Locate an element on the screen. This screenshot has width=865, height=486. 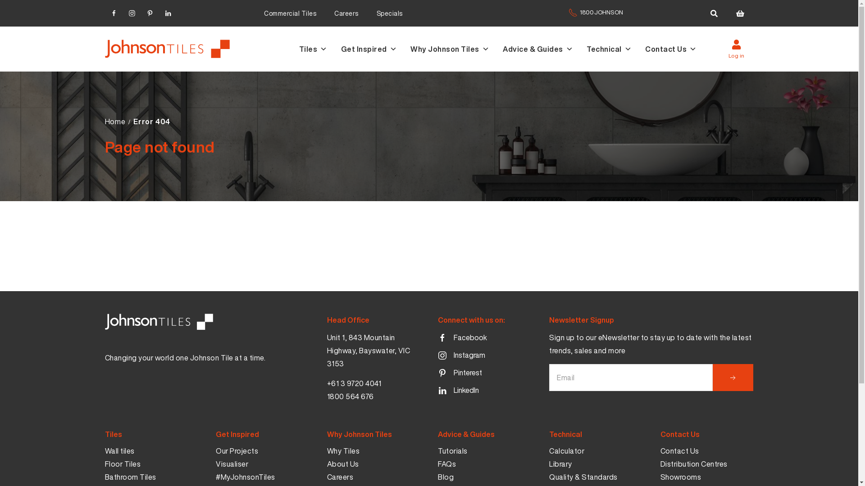
'FAQs' is located at coordinates (437, 464).